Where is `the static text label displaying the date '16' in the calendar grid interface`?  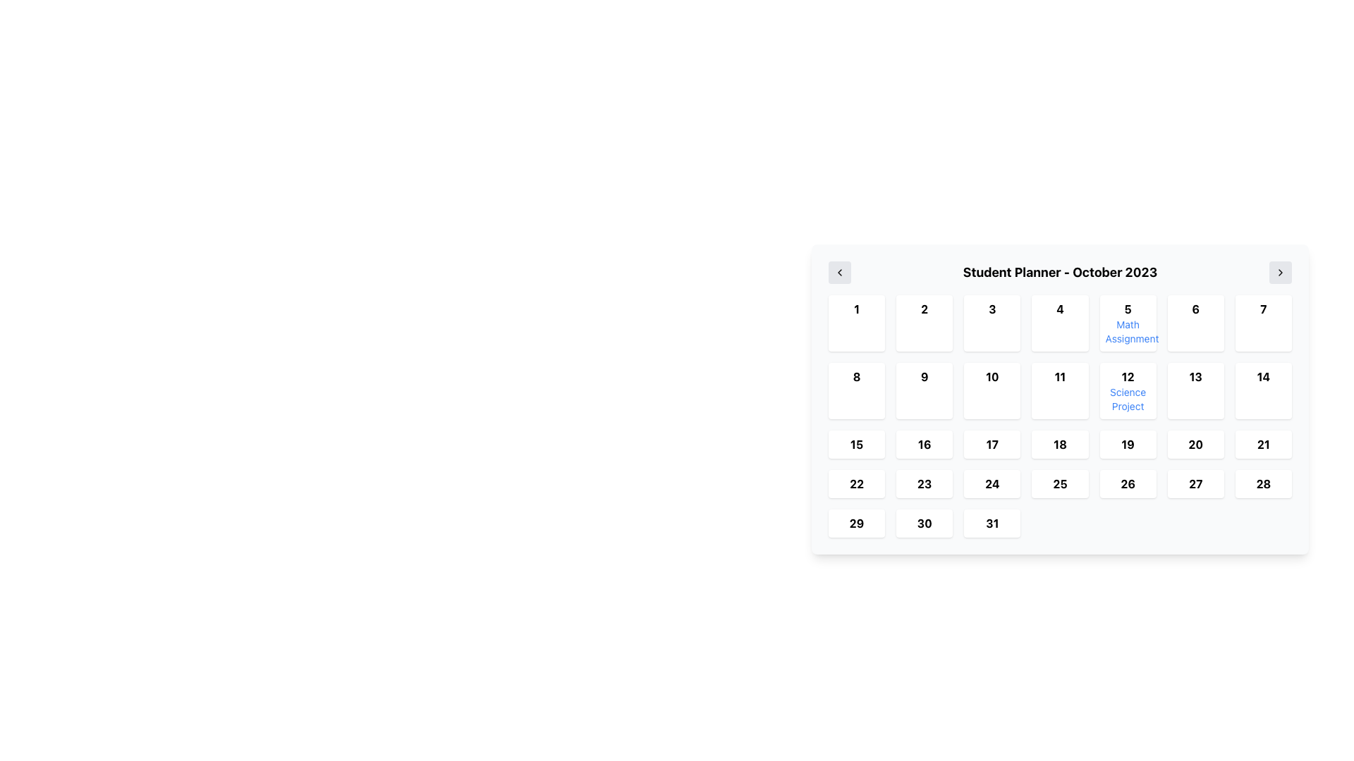
the static text label displaying the date '16' in the calendar grid interface is located at coordinates (925, 445).